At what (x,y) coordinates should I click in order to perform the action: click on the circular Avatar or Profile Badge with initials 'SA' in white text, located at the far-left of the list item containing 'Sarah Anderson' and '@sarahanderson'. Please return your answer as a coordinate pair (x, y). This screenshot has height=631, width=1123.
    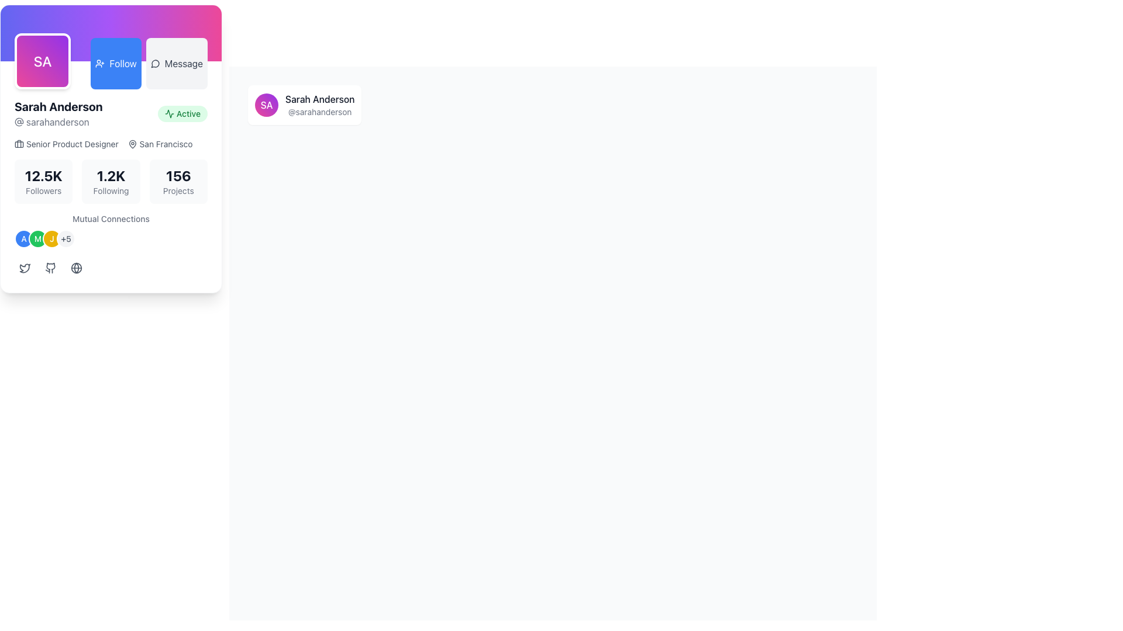
    Looking at the image, I should click on (266, 105).